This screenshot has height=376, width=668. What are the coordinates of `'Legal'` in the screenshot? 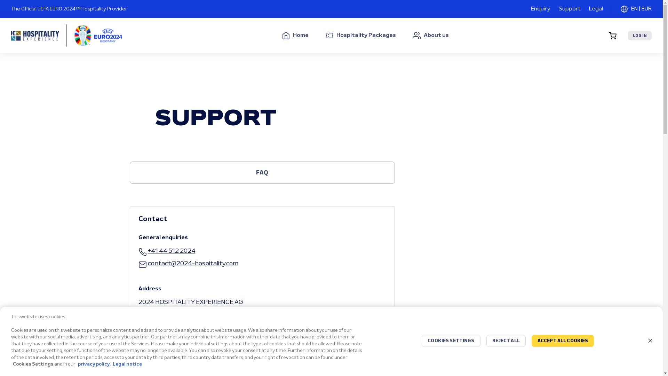 It's located at (589, 9).